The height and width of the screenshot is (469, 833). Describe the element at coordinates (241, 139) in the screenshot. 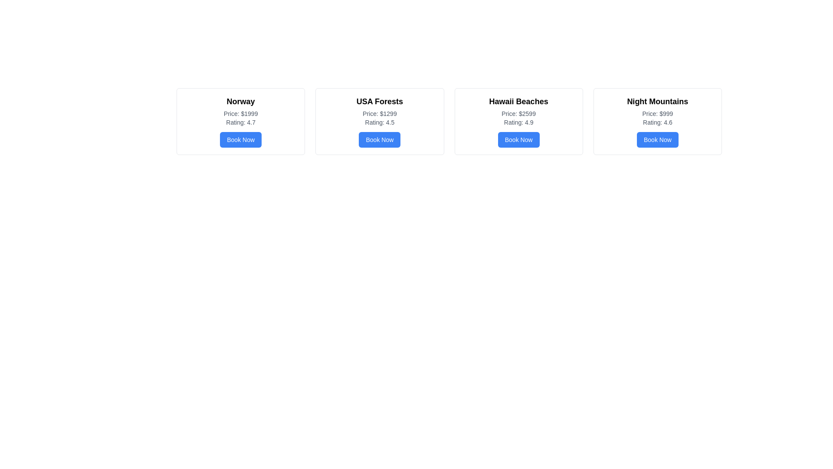

I see `the button located at the bottom of the Norway trip card to initiate the booking process` at that location.